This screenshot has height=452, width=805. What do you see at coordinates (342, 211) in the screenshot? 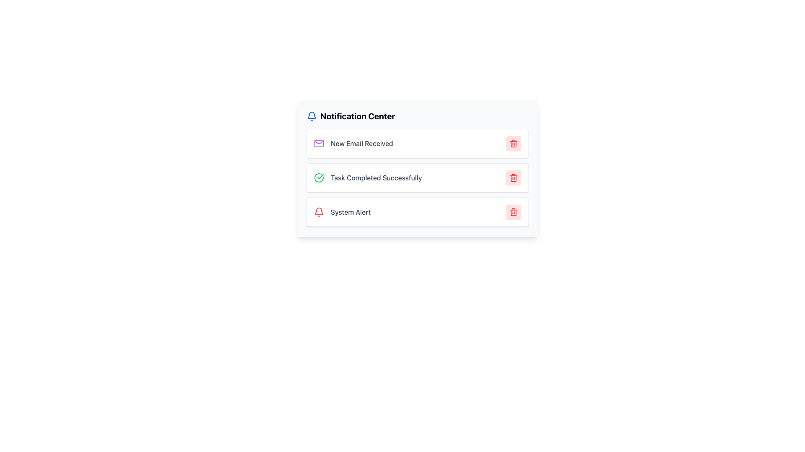
I see `the 'System Alert' Notification item located in the third row of the Notification Center` at bounding box center [342, 211].